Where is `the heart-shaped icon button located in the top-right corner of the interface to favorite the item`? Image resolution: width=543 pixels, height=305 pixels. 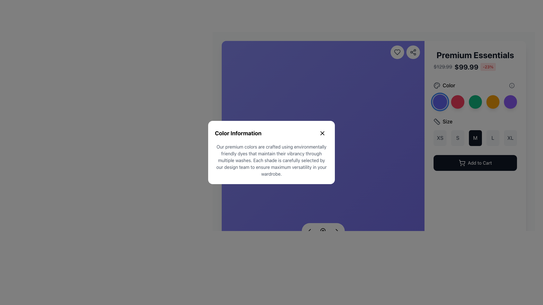 the heart-shaped icon button located in the top-right corner of the interface to favorite the item is located at coordinates (397, 52).